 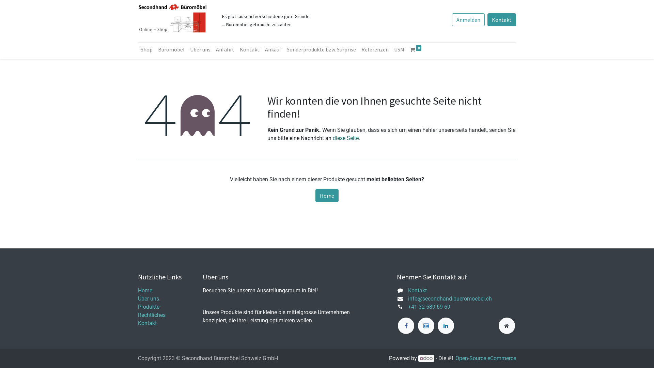 I want to click on '0', so click(x=415, y=49).